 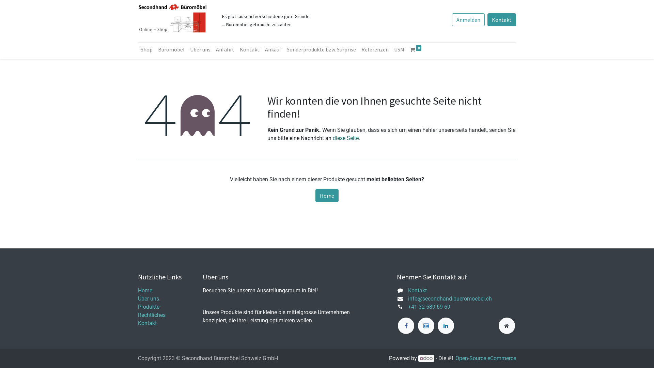 I want to click on '0', so click(x=415, y=49).